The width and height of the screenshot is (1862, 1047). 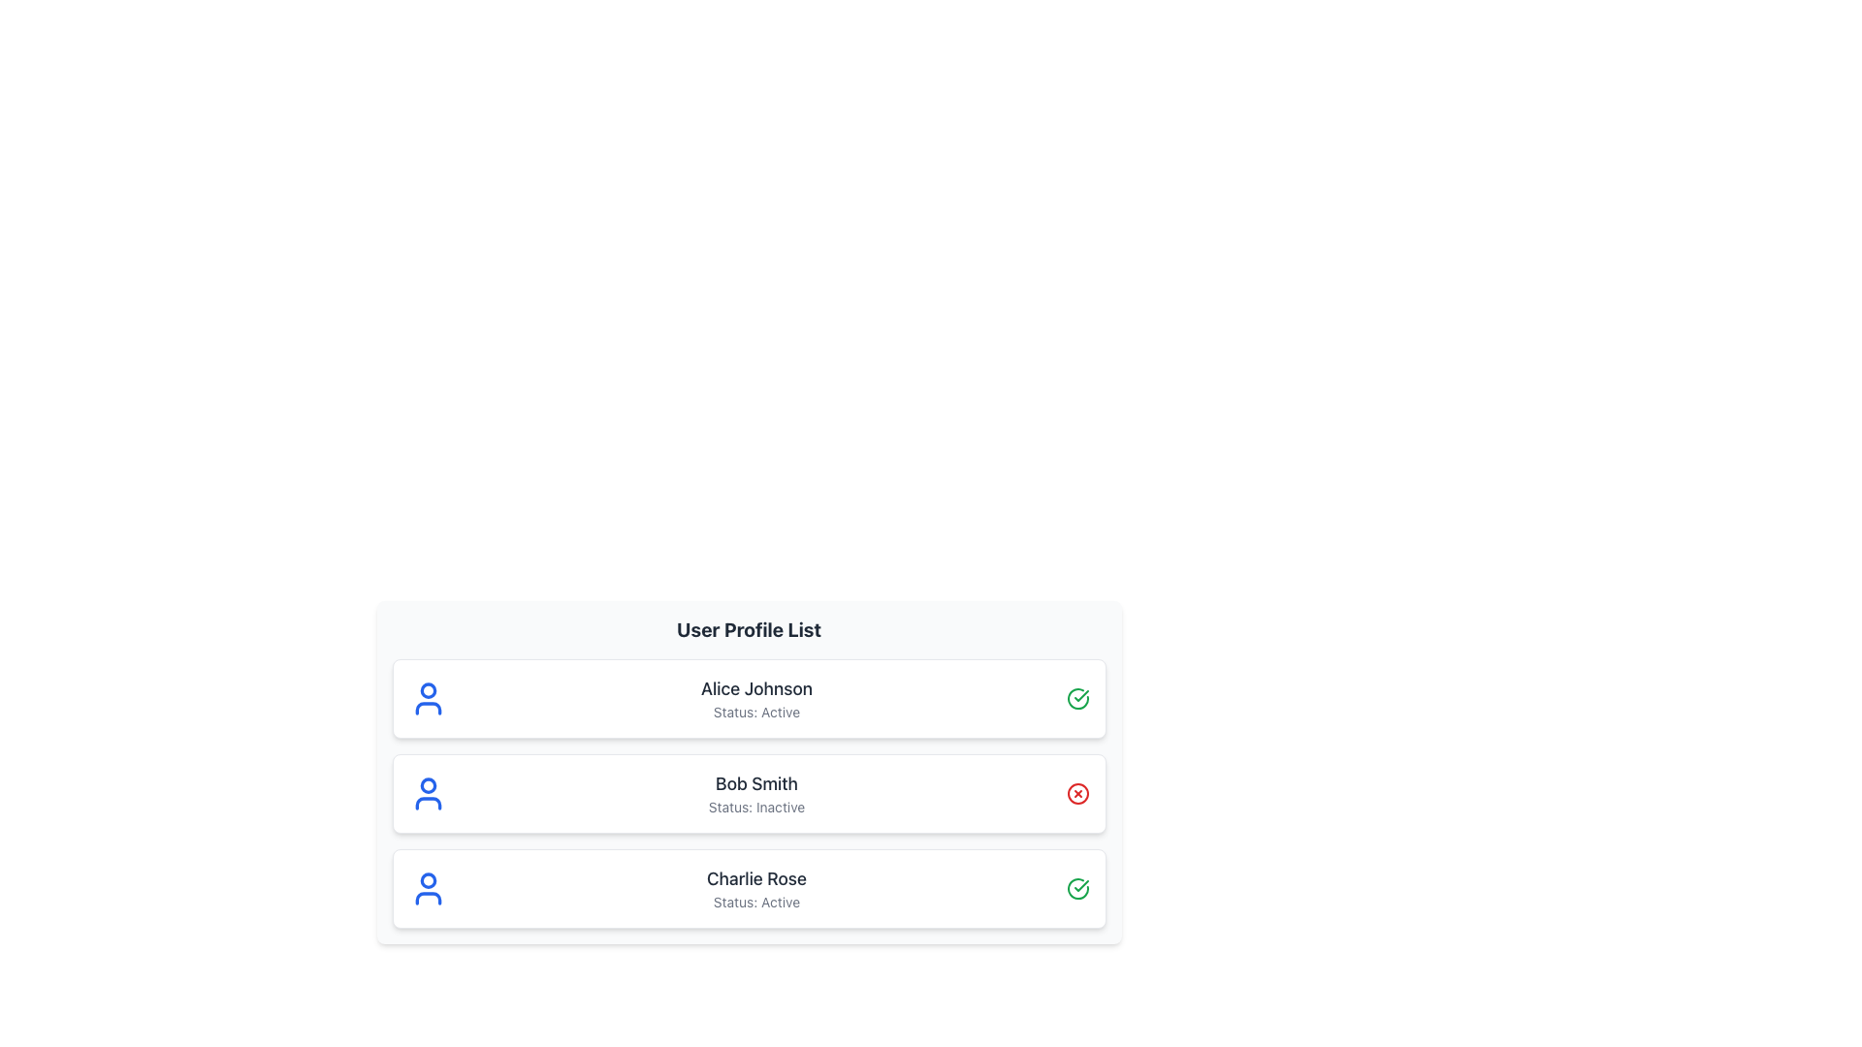 What do you see at coordinates (755, 902) in the screenshot?
I see `the 'Status: Active' text label located beneath the name 'Charlie Rose' in the user profile listing` at bounding box center [755, 902].